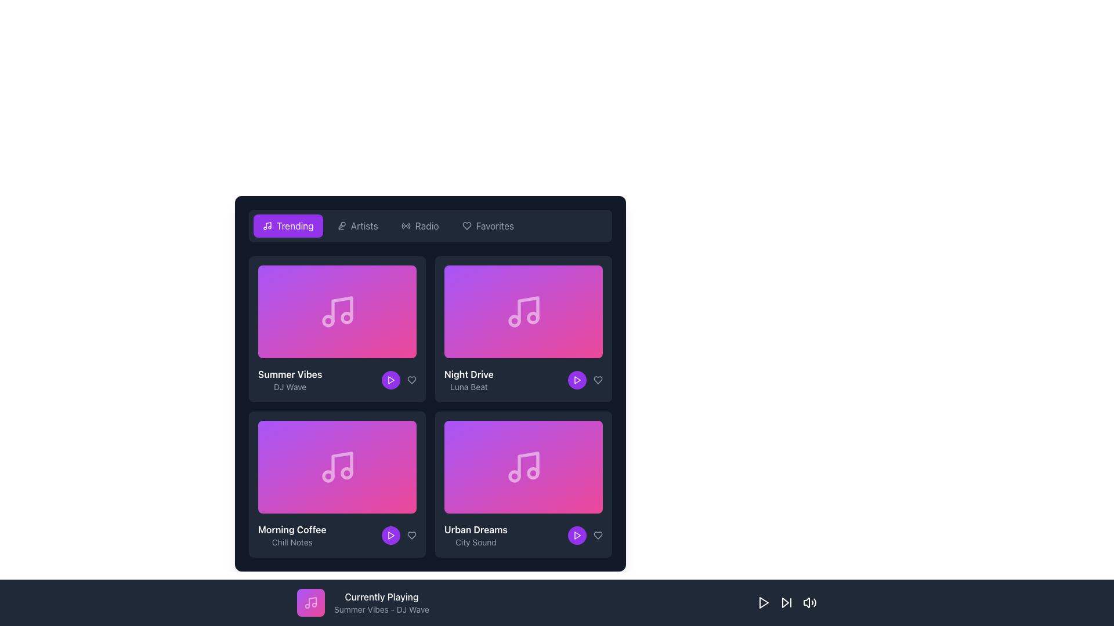  Describe the element at coordinates (327, 476) in the screenshot. I see `the decorative circle within the music note icon in the 'Morning Coffee' card, located in the second row, distinctly positioned as the left circle` at that location.